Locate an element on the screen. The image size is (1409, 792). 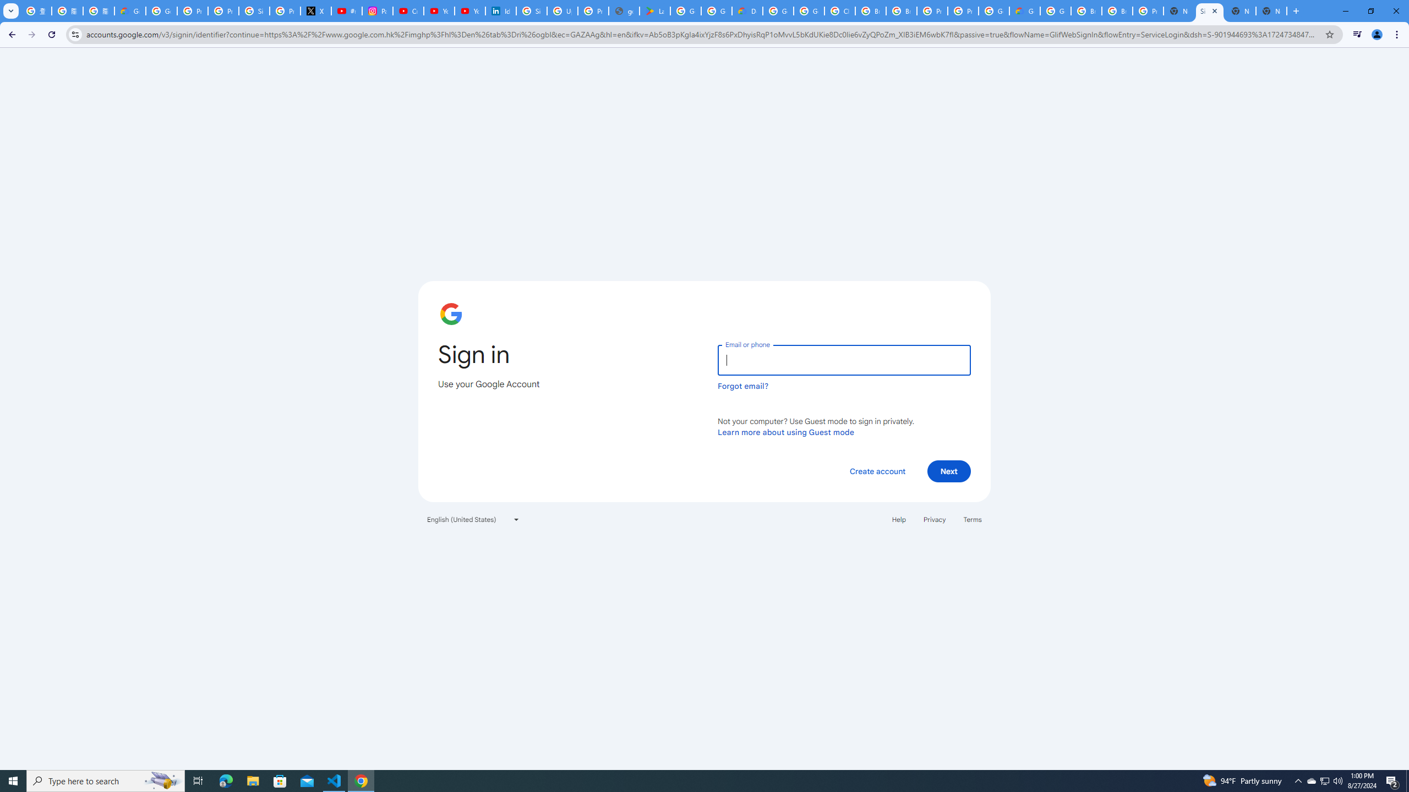
'Privacy' is located at coordinates (933, 518).